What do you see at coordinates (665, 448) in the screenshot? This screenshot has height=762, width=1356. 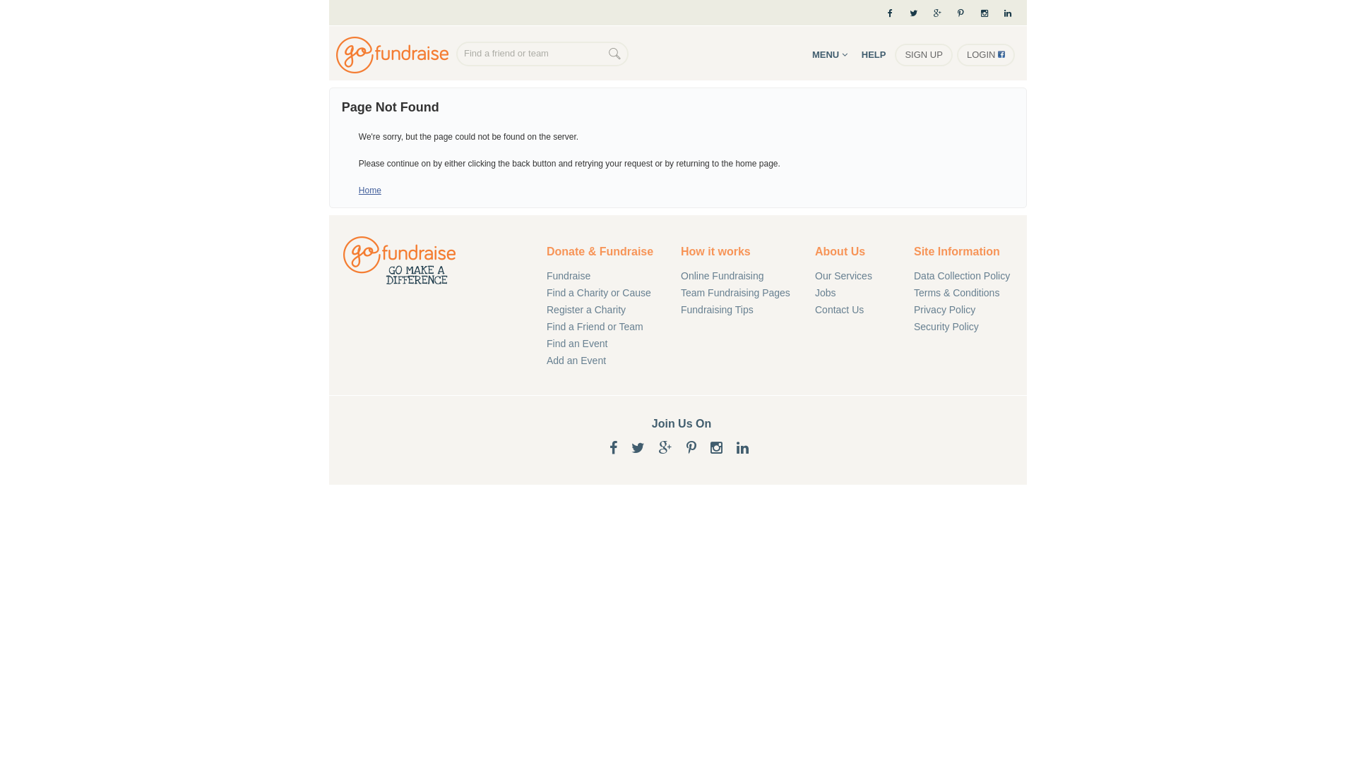 I see `'Google+'` at bounding box center [665, 448].